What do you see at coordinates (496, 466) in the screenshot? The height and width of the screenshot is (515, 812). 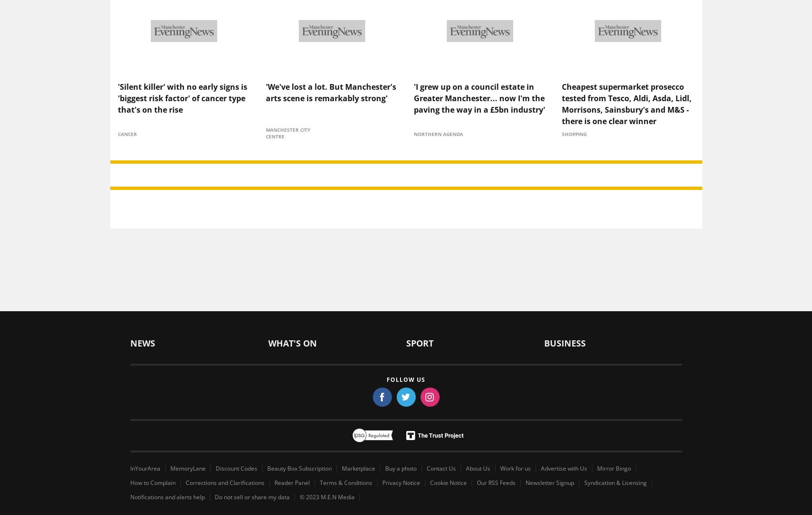 I see `'Our RSS Feeds'` at bounding box center [496, 466].